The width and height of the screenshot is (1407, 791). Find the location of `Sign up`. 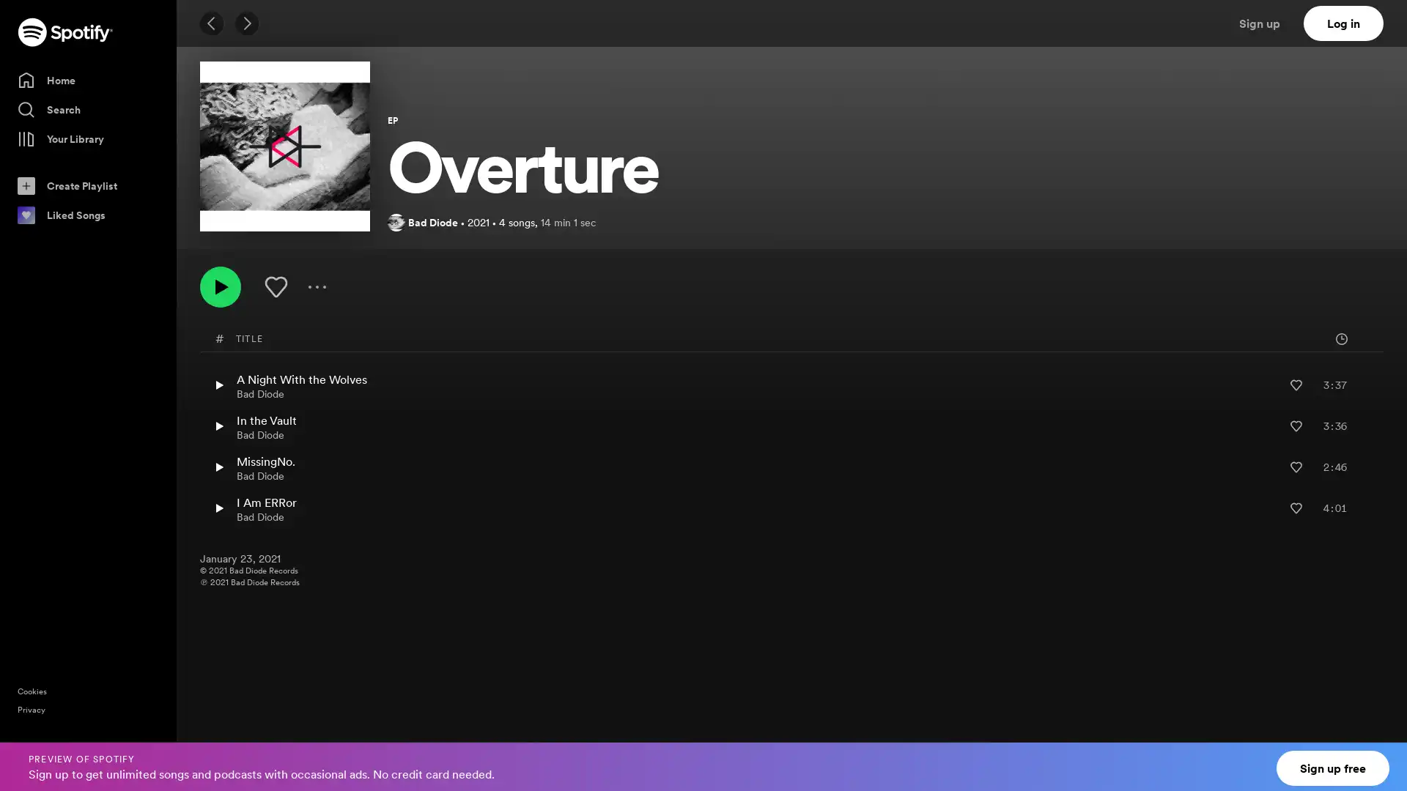

Sign up is located at coordinates (1268, 23).